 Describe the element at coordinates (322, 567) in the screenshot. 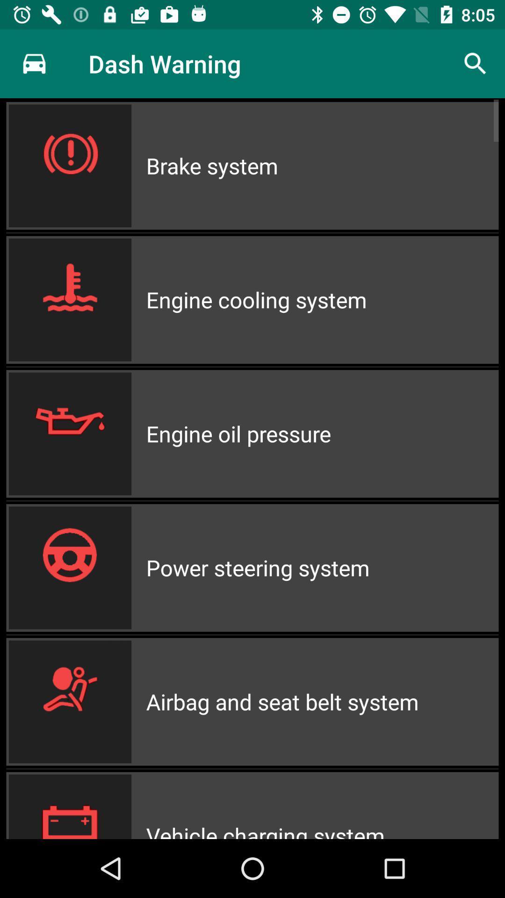

I see `the icon below the engine oil pressure icon` at that location.